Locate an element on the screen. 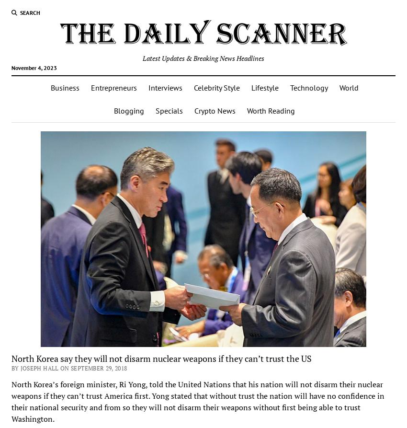 This screenshot has width=407, height=428. 'Entrepreneurs' is located at coordinates (113, 86).